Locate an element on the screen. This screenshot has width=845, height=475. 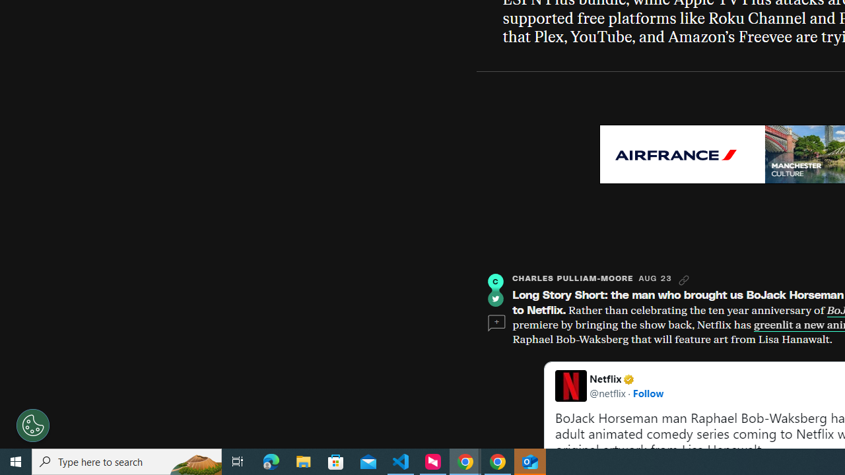
'Copy link' is located at coordinates (684, 280).